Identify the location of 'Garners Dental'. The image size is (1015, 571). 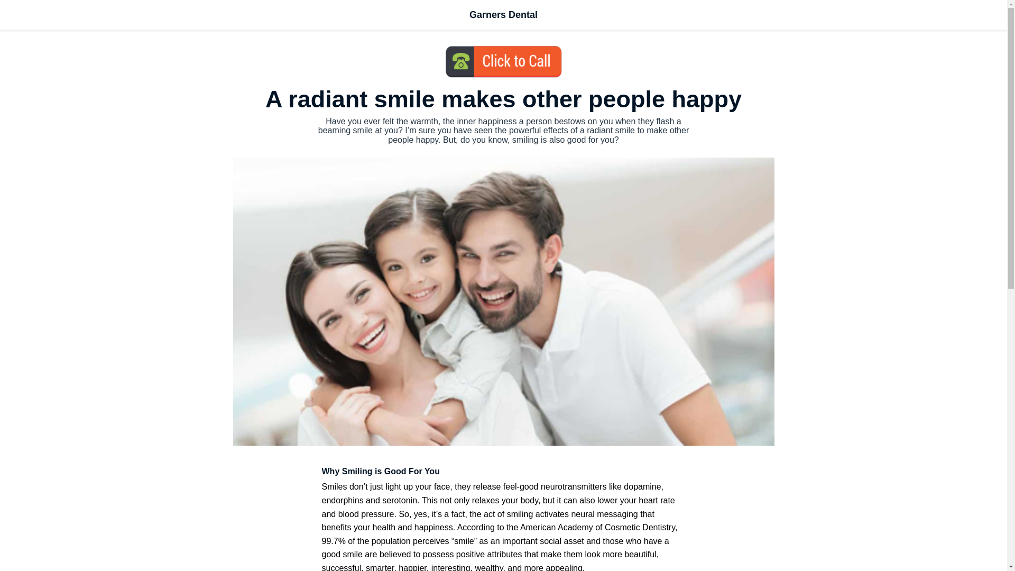
(503, 15).